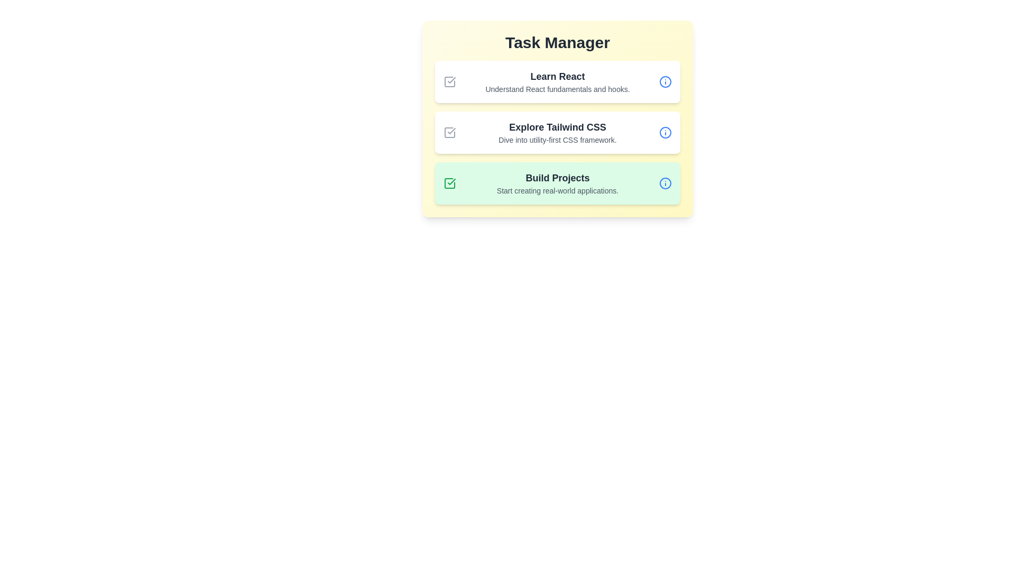 The height and width of the screenshot is (571, 1015). Describe the element at coordinates (557, 177) in the screenshot. I see `the title of the task Build Projects to focus on it` at that location.